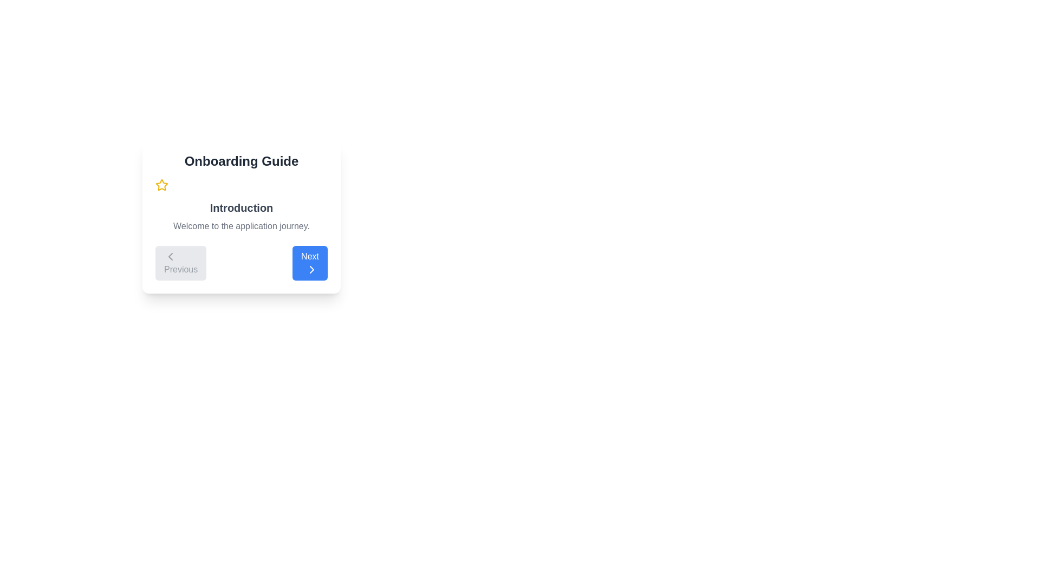 This screenshot has width=1040, height=585. Describe the element at coordinates (241, 225) in the screenshot. I see `the Text Block element located beneath the 'Introduction' heading, displaying 'Welcome to the application journey.'` at that location.